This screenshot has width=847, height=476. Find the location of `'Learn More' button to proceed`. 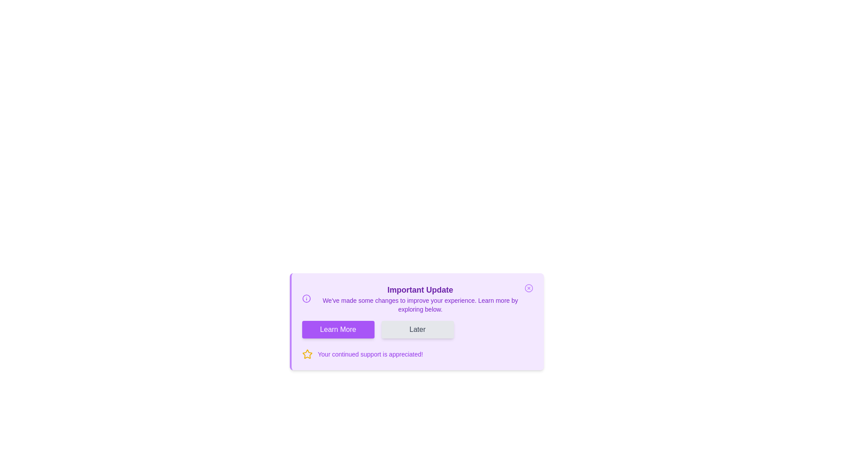

'Learn More' button to proceed is located at coordinates (337, 330).